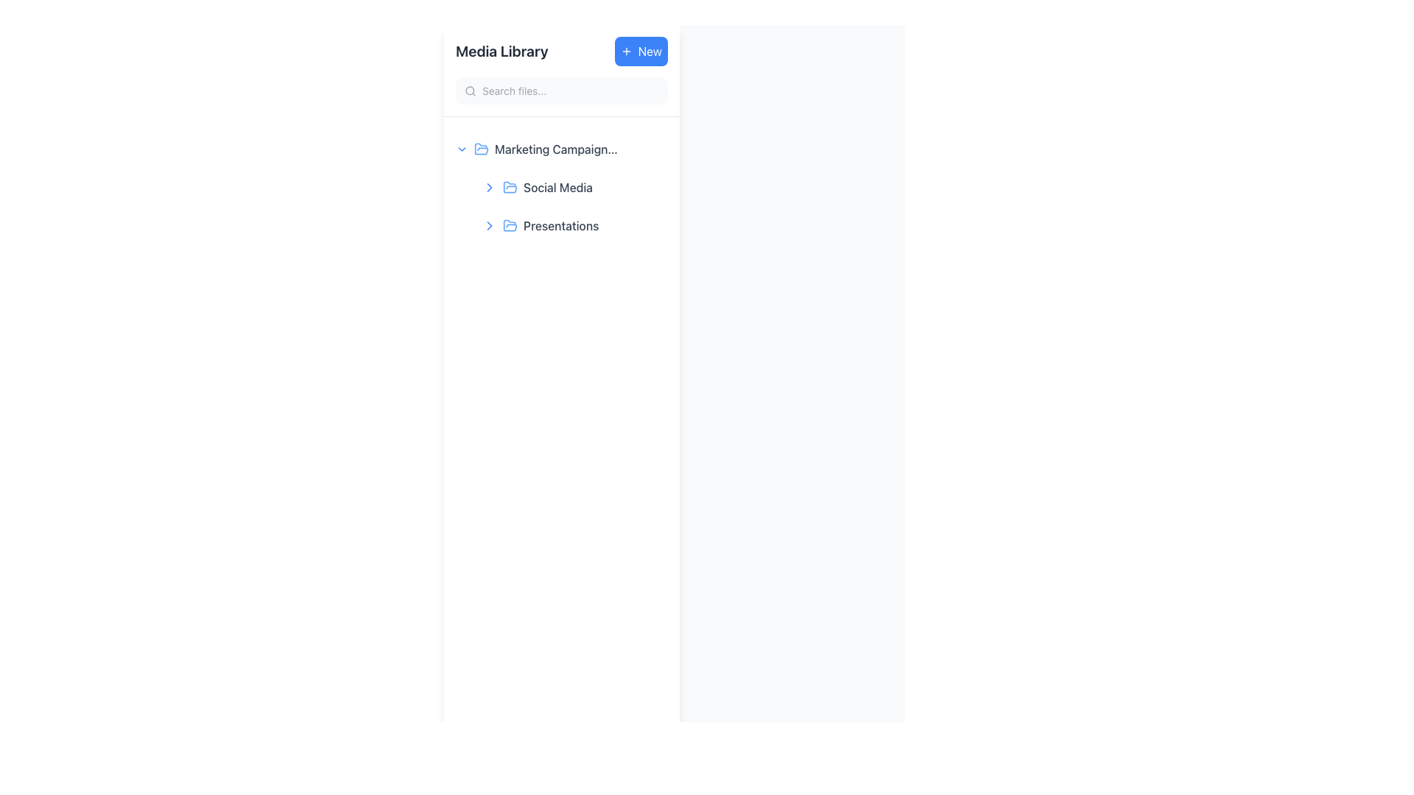  I want to click on the chevron icon located to the left of the 'Presentations' label, so click(490, 226).